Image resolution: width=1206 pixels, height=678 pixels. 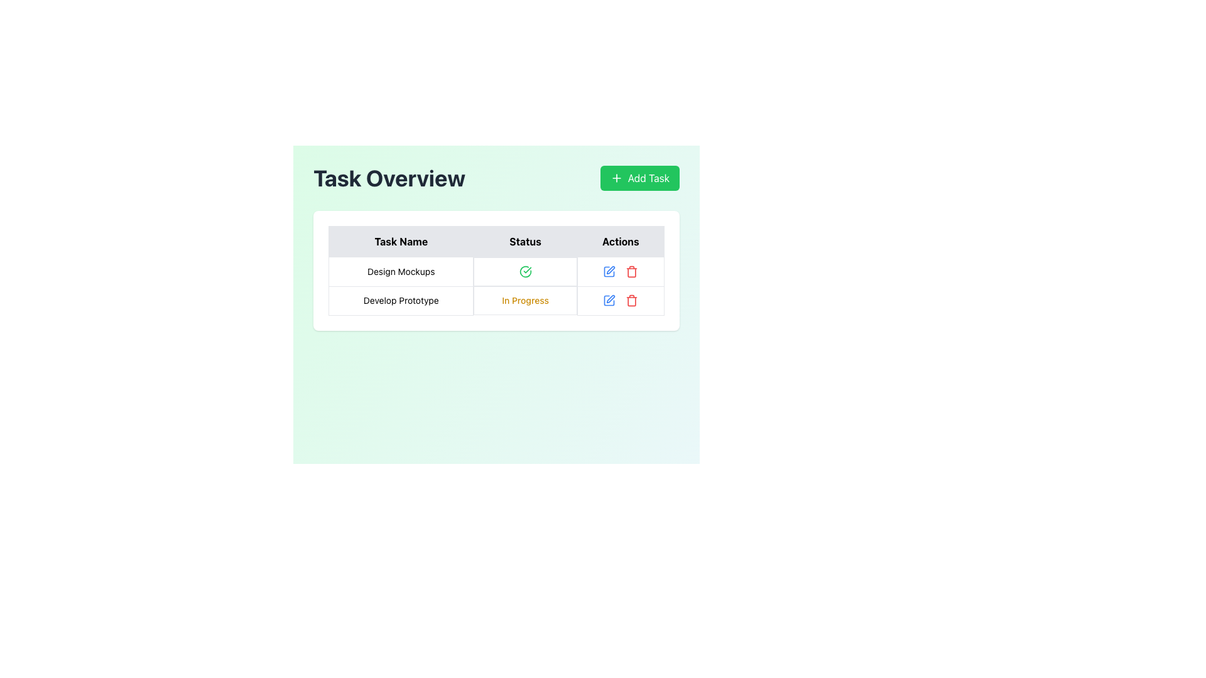 What do you see at coordinates (616, 178) in the screenshot?
I see `the plus icon located to the left of the 'Add Task' text in the green rectangular button at the top-right corner of the interface` at bounding box center [616, 178].